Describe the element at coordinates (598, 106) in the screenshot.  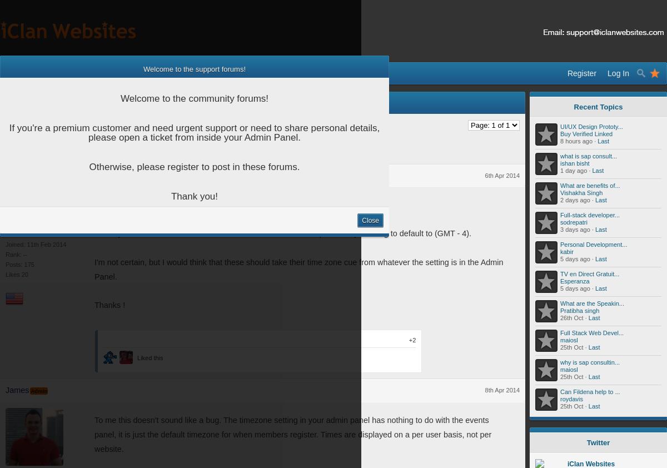
I see `'Recent Topics'` at that location.